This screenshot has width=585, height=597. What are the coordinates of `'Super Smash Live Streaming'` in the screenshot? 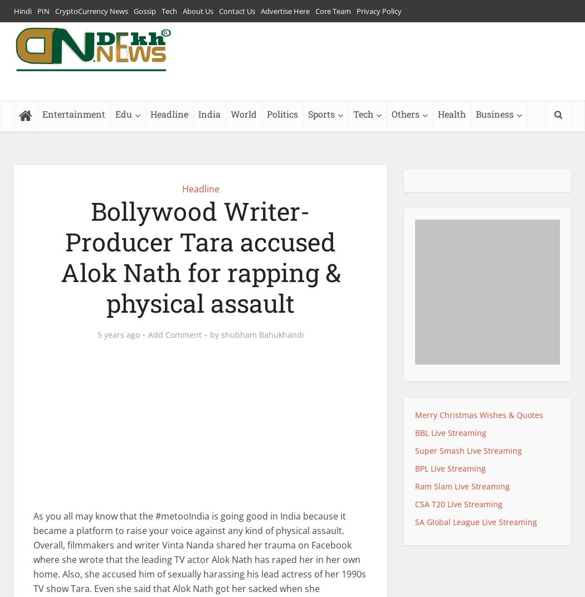 It's located at (469, 449).